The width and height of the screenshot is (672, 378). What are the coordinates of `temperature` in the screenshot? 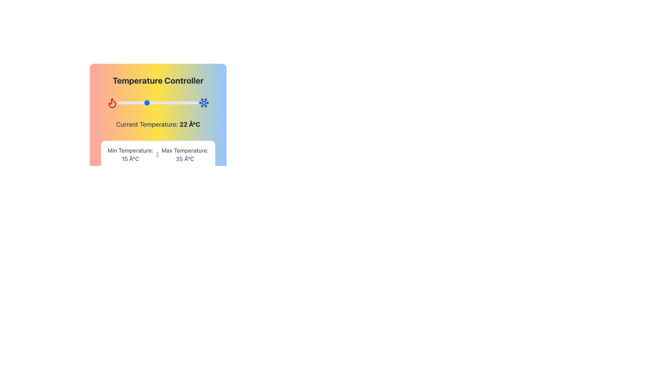 It's located at (194, 103).